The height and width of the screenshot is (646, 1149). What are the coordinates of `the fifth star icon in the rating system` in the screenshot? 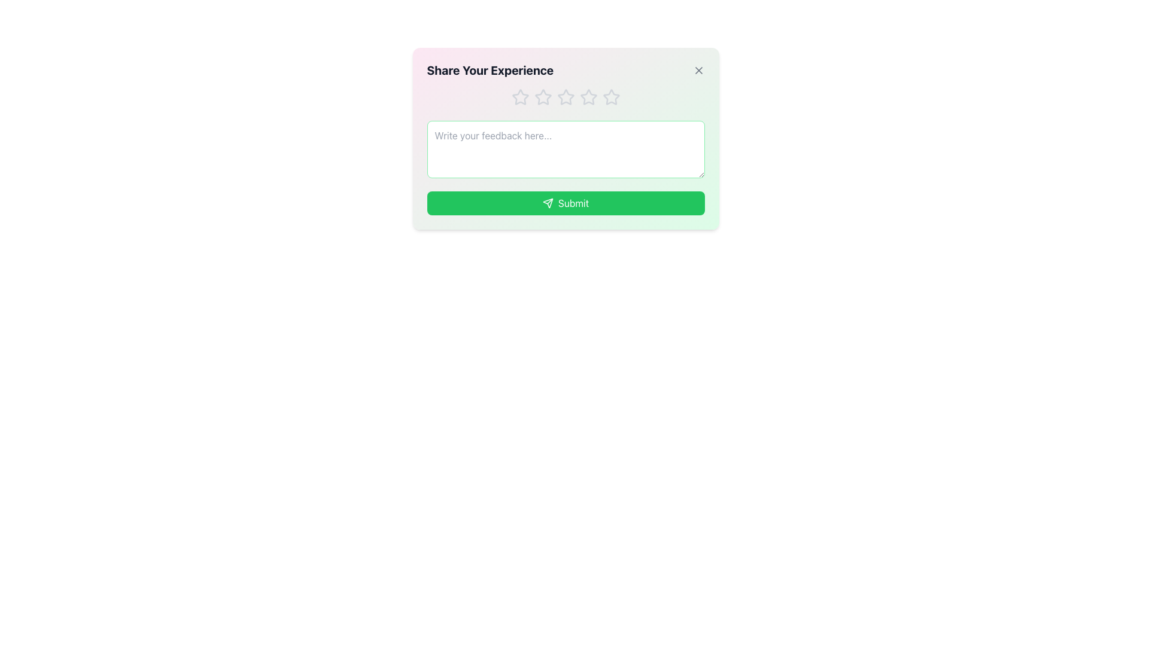 It's located at (611, 96).